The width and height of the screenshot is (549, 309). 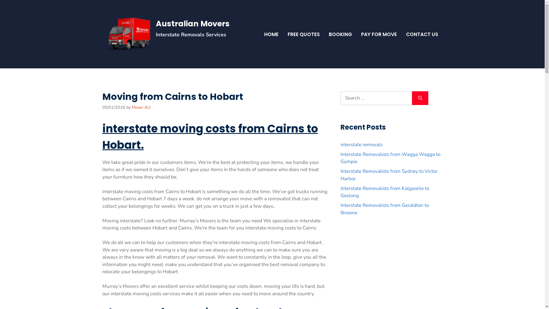 I want to click on 'Interstate Removalists from Wagga Wagga to Gympie', so click(x=390, y=158).